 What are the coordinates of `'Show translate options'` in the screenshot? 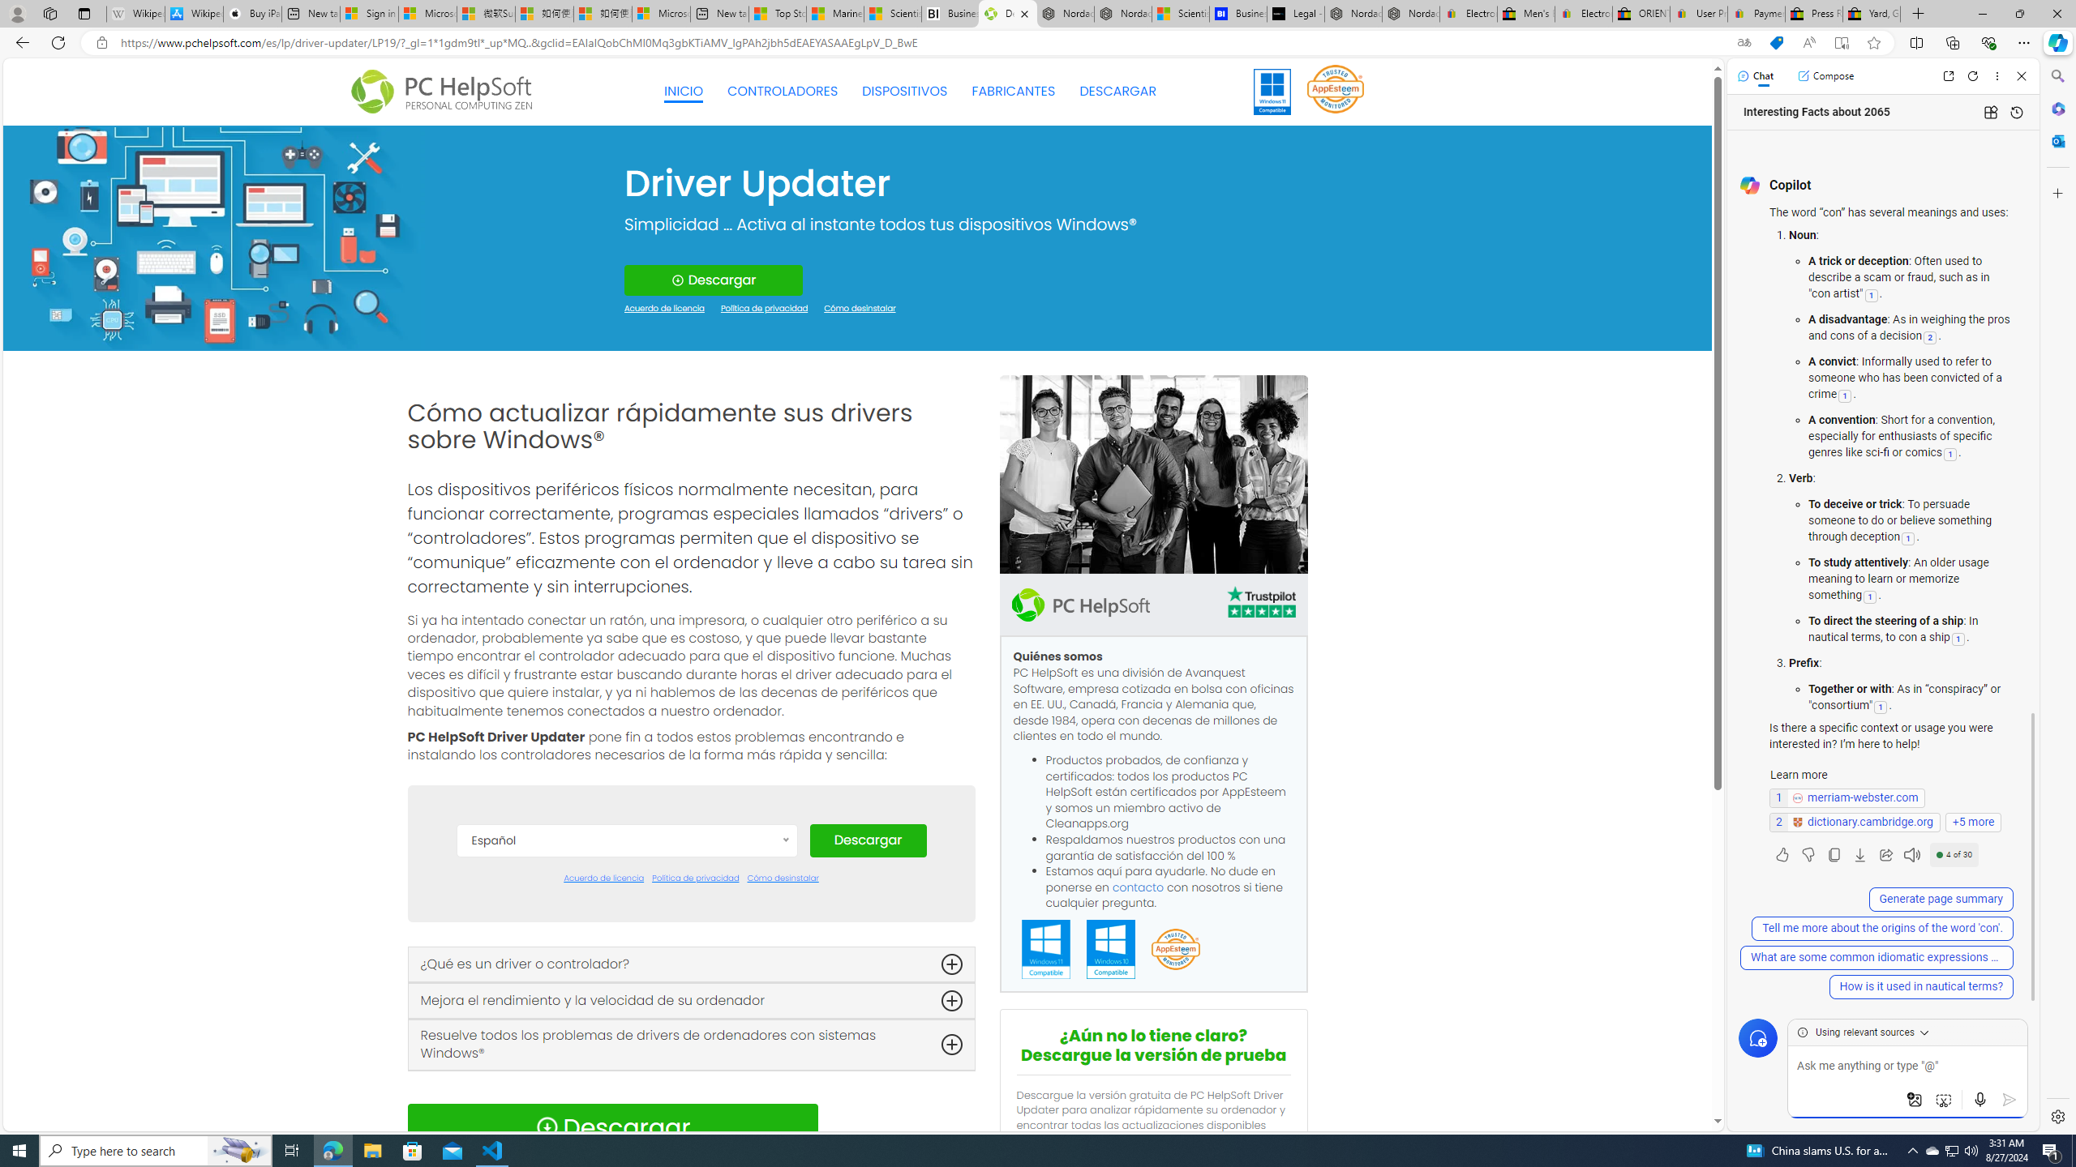 It's located at (1743, 43).